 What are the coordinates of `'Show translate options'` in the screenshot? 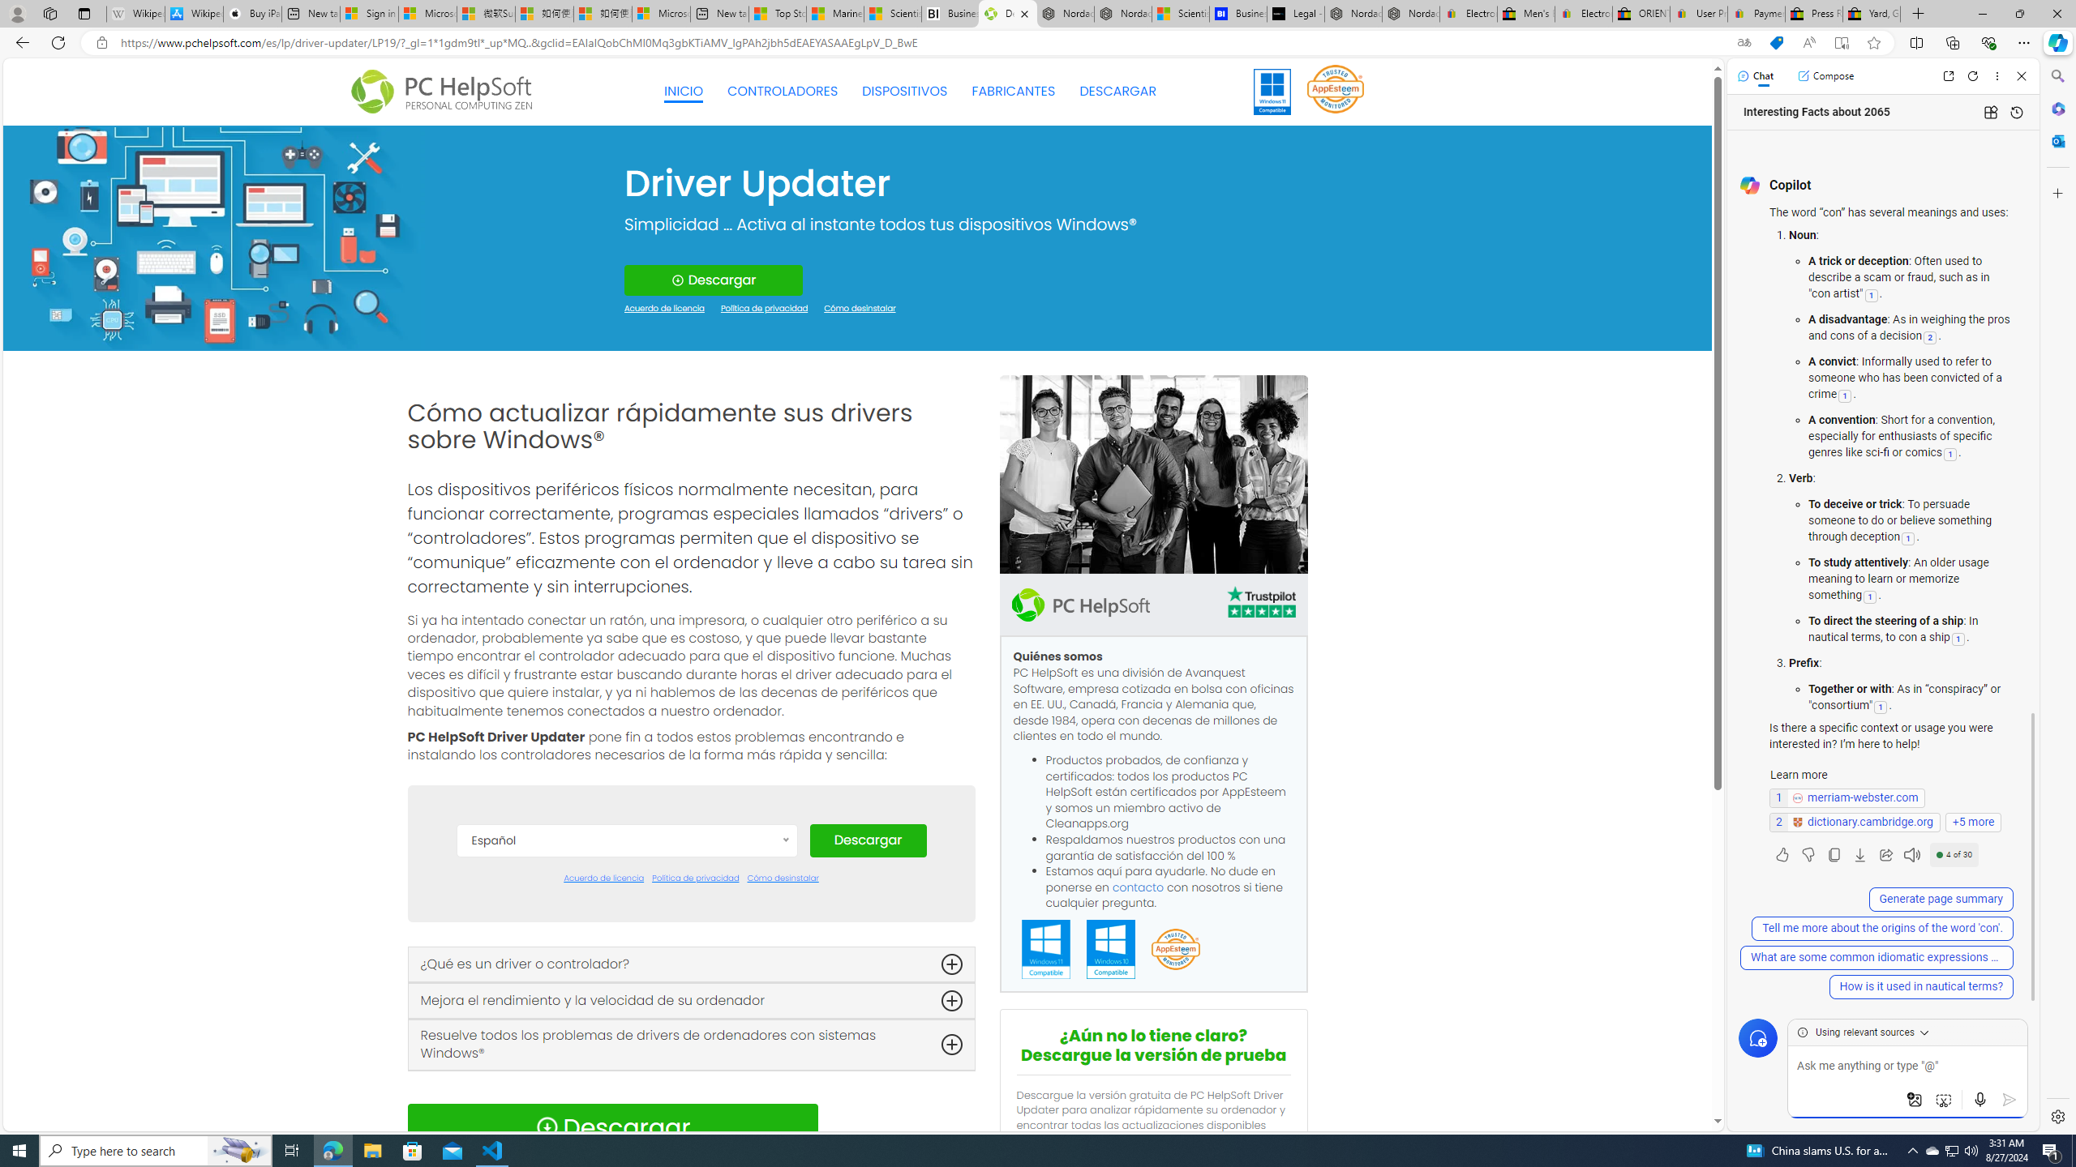 It's located at (1743, 43).